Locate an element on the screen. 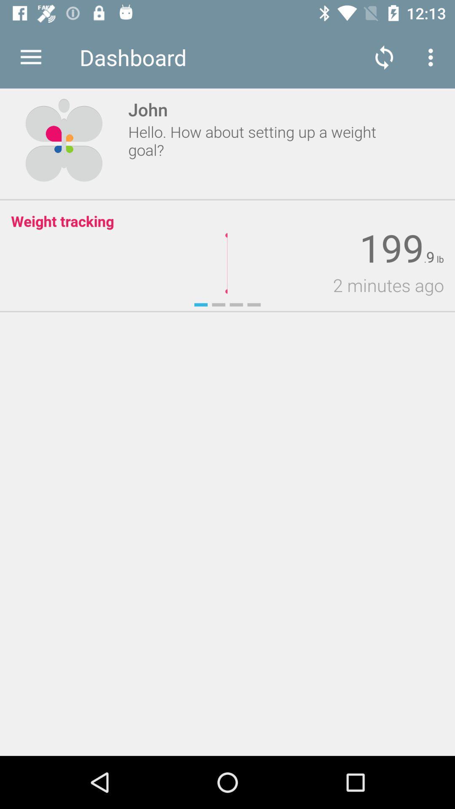  item on the right is located at coordinates (335, 285).